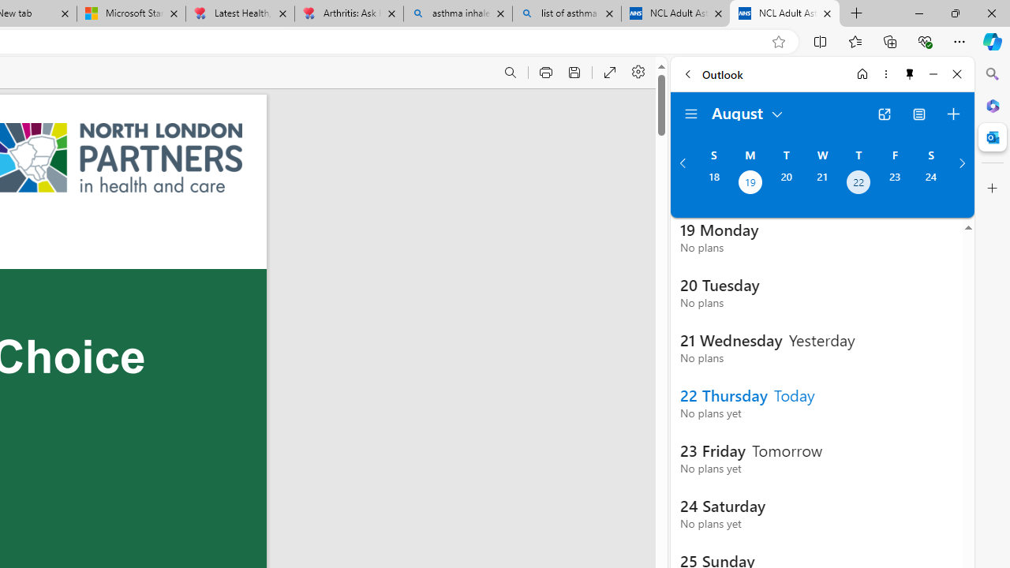  I want to click on 'Monday, August 19, 2024. Date selected. ', so click(749, 183).